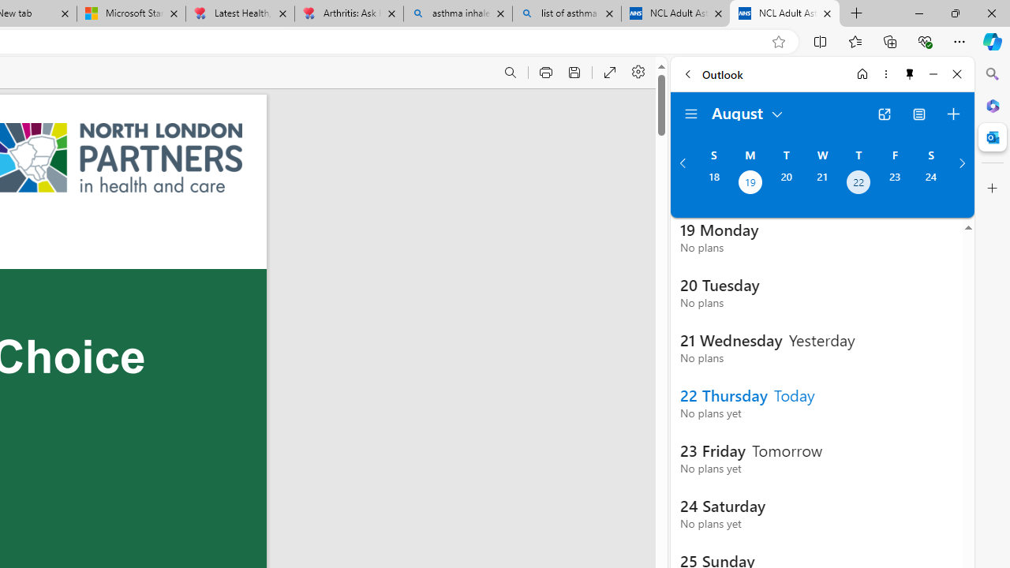  I want to click on 'Monday, August 19, 2024. Date selected. ', so click(749, 183).